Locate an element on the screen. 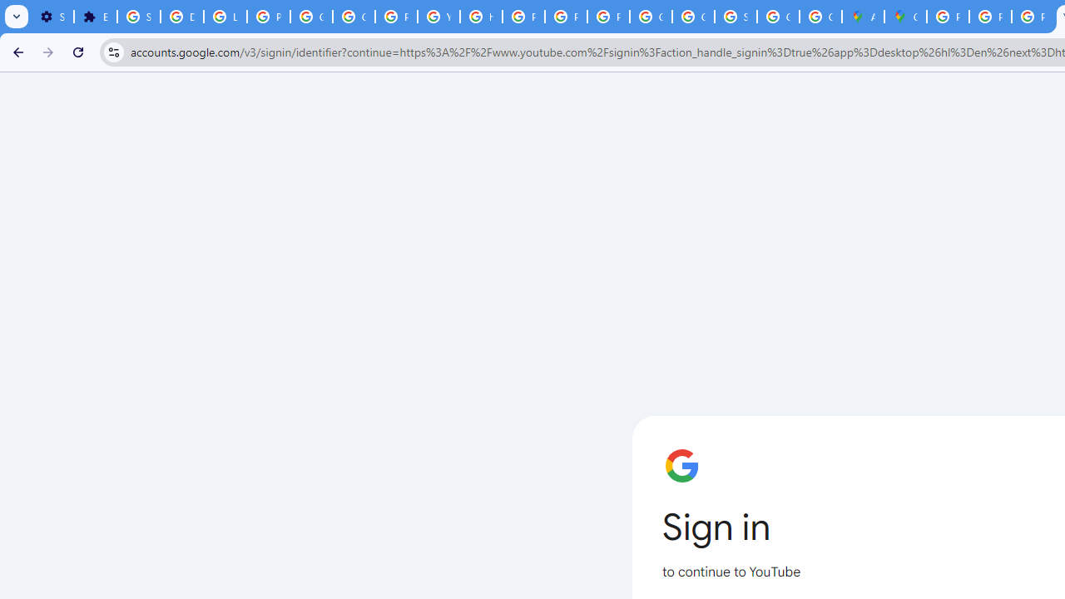 The image size is (1065, 599). 'Google Account Help' is located at coordinates (312, 17).